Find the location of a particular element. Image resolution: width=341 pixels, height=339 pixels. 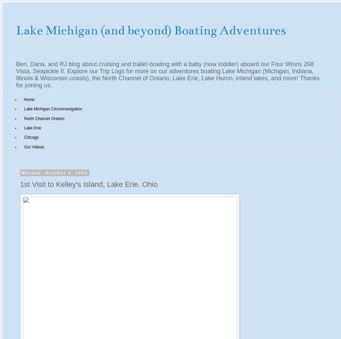

'Ben, Dana, and RJ blog about cruising and trailer-boating with a baby (now toddler) aboard our Four Winns 268 Vista, Seapickle II.  Explore our Trip Logs for more on our adventures boating Lake Michigan (Michigan,  Indiana, Illinois & Wisconsin coasts), the North Channel of Ontario, Lake Erie, Lake Huron, inland lakes, and more! Thanks for joining us.' is located at coordinates (167, 74).